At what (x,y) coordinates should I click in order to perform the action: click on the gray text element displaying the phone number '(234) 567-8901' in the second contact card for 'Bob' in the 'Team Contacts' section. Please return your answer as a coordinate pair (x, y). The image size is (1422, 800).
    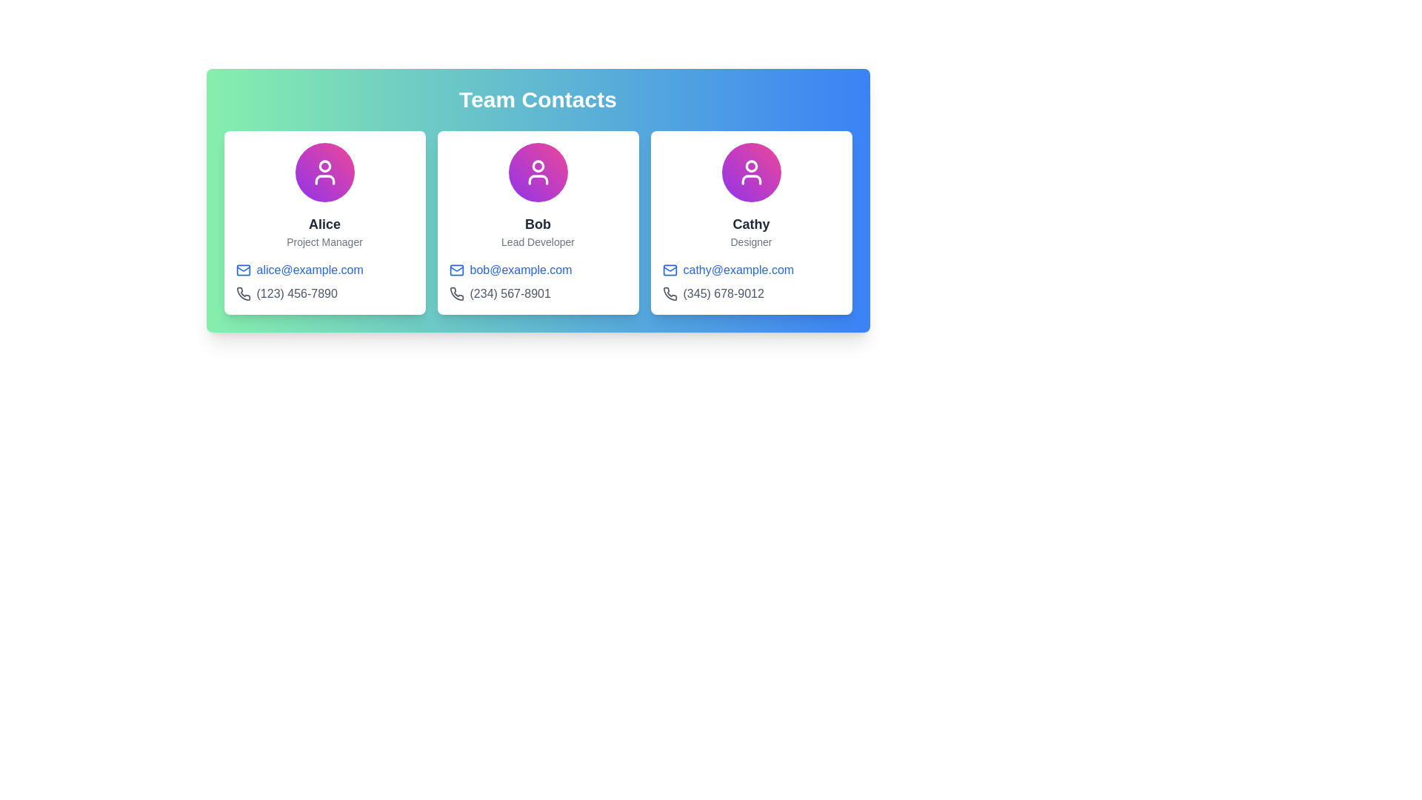
    Looking at the image, I should click on (510, 294).